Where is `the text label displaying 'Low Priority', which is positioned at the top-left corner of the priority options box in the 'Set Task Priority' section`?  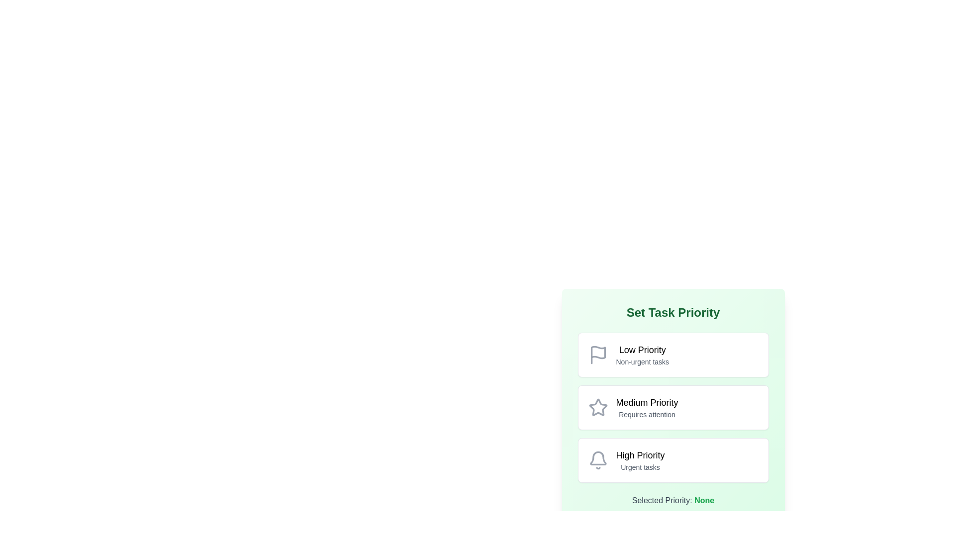
the text label displaying 'Low Priority', which is positioned at the top-left corner of the priority options box in the 'Set Task Priority' section is located at coordinates (642, 350).